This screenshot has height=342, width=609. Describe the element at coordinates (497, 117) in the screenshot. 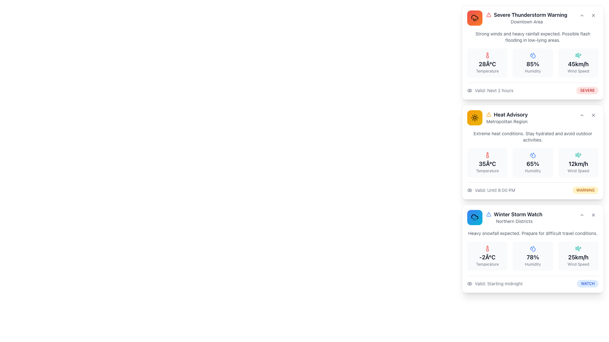

I see `the Informational Header displaying 'Heat Advisory Metropolitan Region', which includes a sun icon and an alert triangle, located at the top-left corner of its card` at that location.